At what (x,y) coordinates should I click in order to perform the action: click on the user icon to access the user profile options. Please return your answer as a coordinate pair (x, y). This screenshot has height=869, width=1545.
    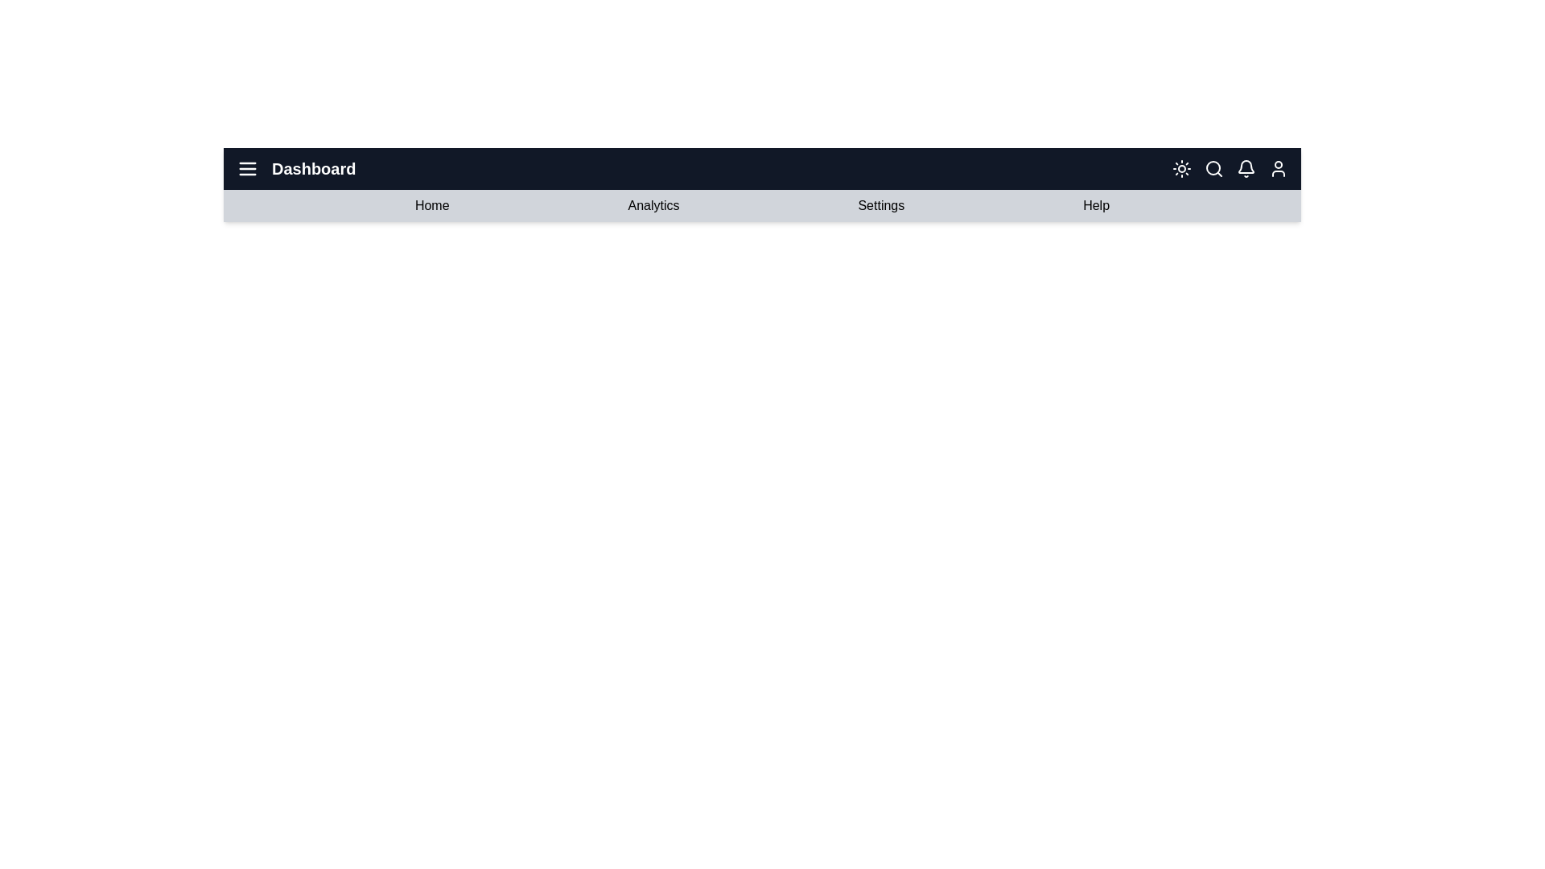
    Looking at the image, I should click on (1277, 168).